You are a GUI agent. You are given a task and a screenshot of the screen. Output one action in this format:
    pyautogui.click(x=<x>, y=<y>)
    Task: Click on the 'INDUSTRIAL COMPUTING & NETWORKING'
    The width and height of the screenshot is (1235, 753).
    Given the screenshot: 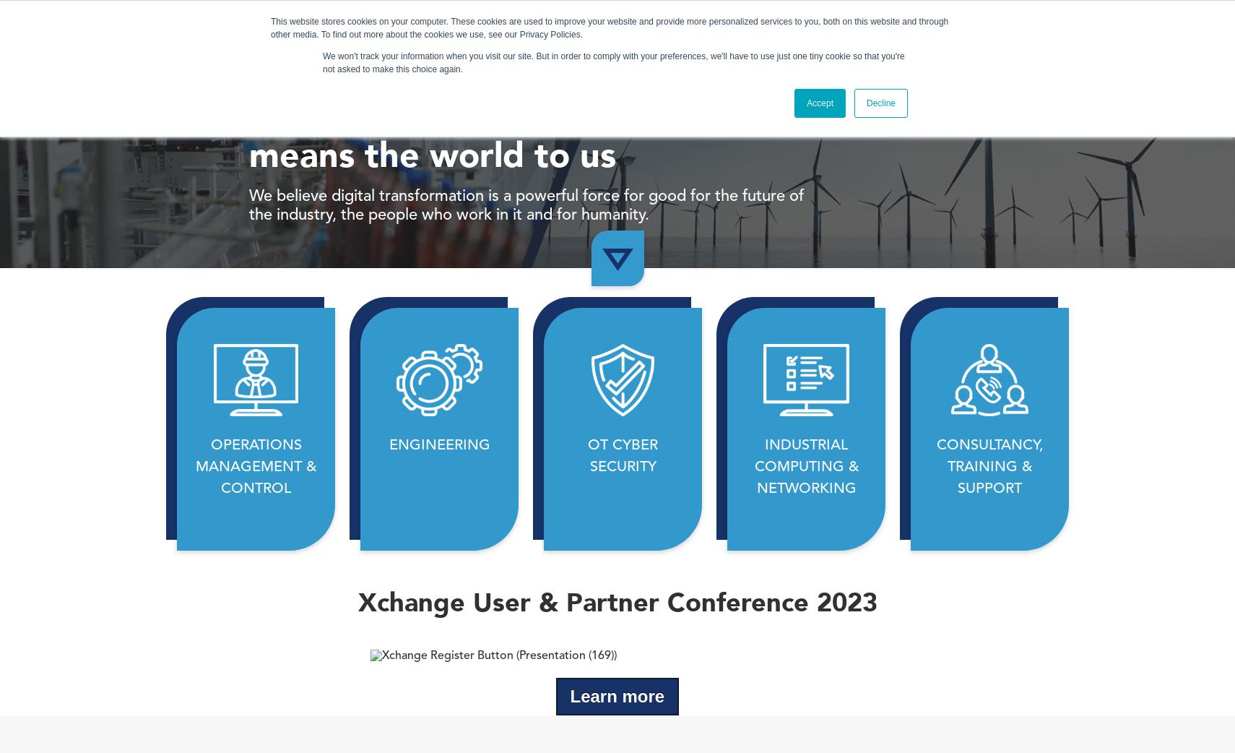 What is the action you would take?
    pyautogui.click(x=805, y=467)
    